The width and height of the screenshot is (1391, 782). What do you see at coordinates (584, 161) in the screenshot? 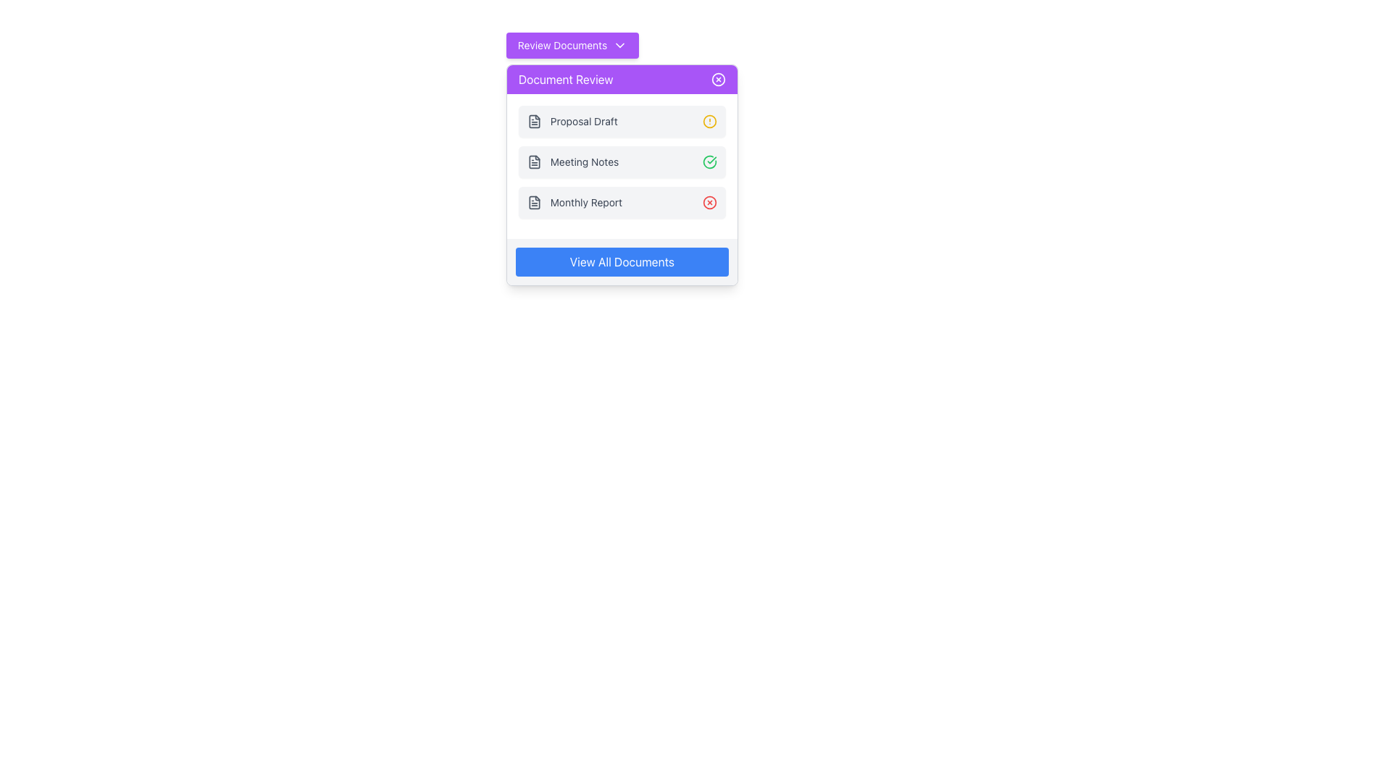
I see `the static text label 'Meeting Notes' which is styled with a small font and gray color, located under the heading 'Document Review' and adjacent to a document icon` at bounding box center [584, 161].